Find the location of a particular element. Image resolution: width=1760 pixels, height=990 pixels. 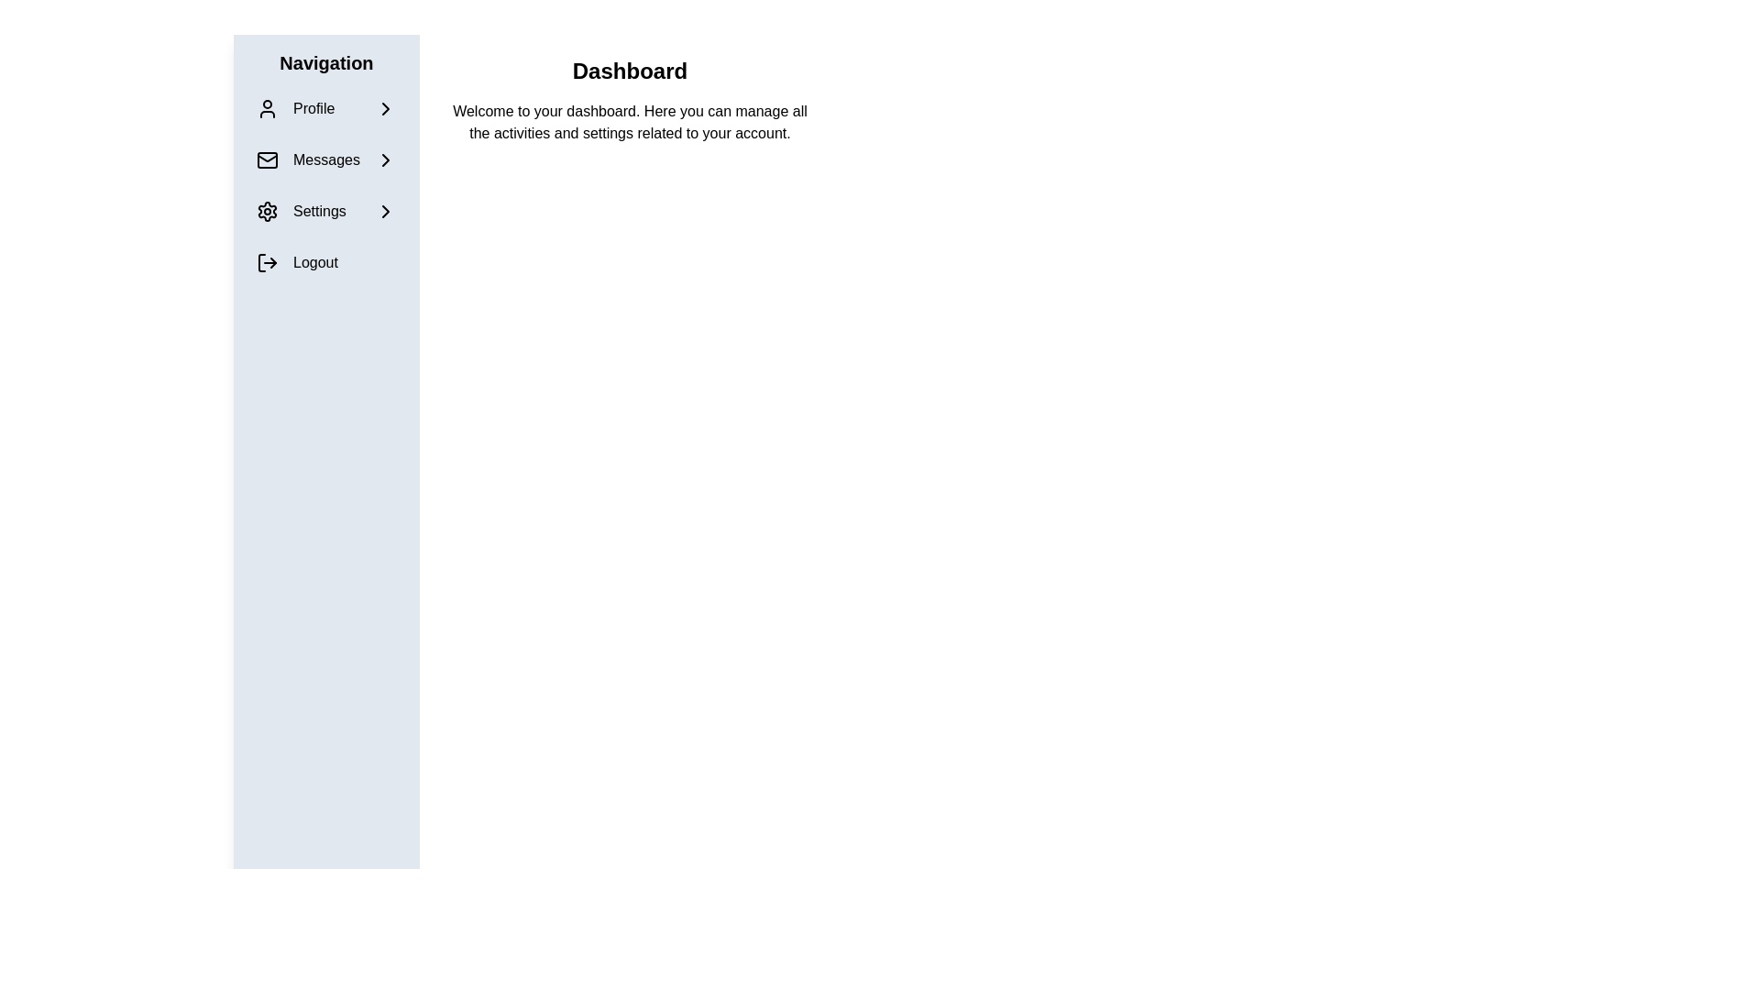

the 'Settings' label, which is the fourth option in the vertical navigation list is located at coordinates (319, 211).